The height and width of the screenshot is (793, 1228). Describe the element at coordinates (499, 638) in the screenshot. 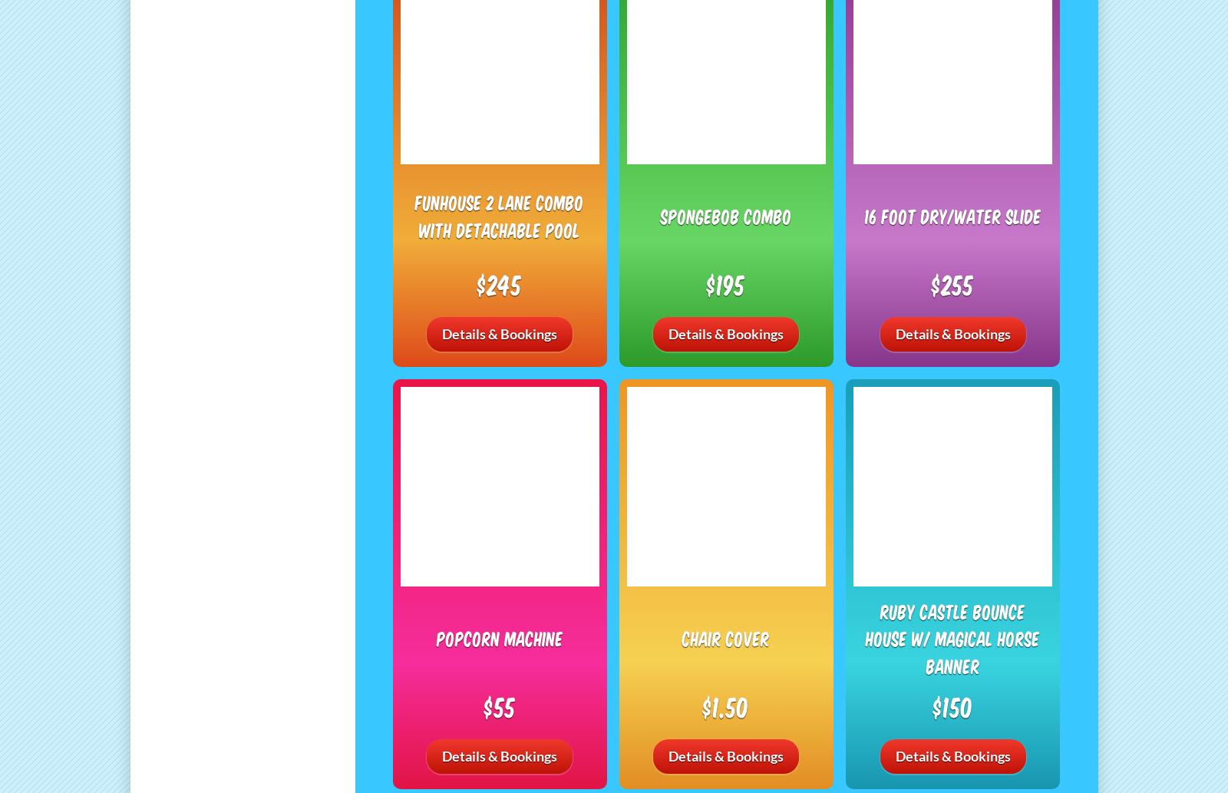

I see `'Popcorn Machine'` at that location.